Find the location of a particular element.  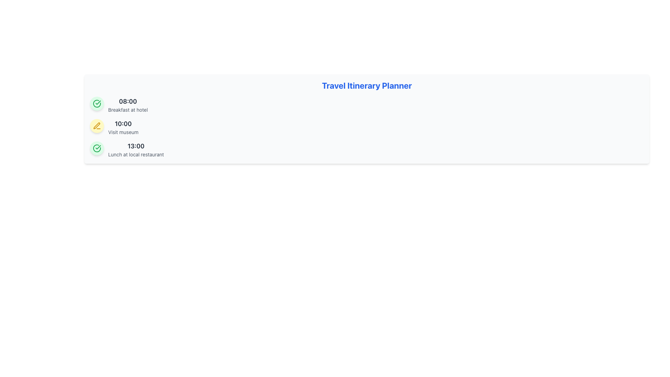

the text element indicating the time for 'Lunch at local restaurant' in the travel itinerary module, located below the 'Visit museum' entry is located at coordinates (136, 146).